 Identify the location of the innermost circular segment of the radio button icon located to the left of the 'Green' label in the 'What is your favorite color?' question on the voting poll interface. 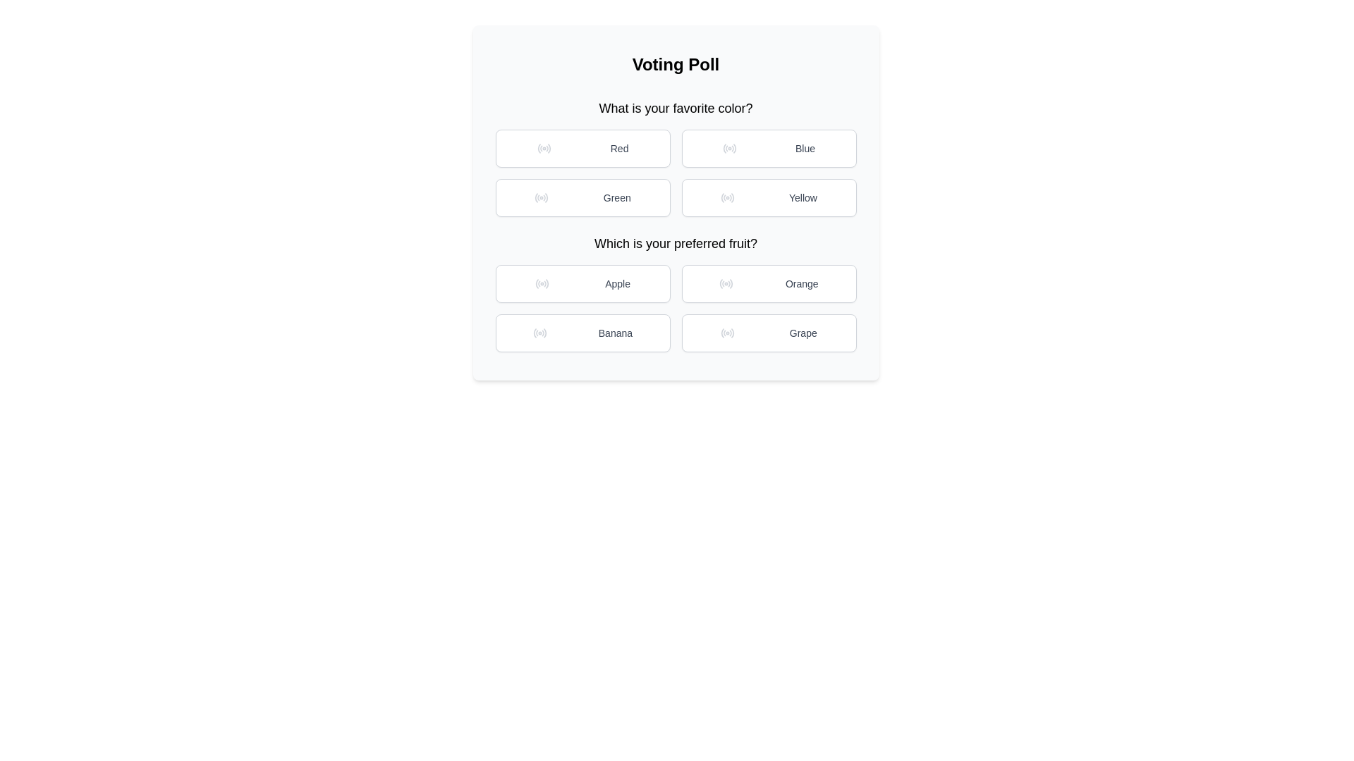
(536, 198).